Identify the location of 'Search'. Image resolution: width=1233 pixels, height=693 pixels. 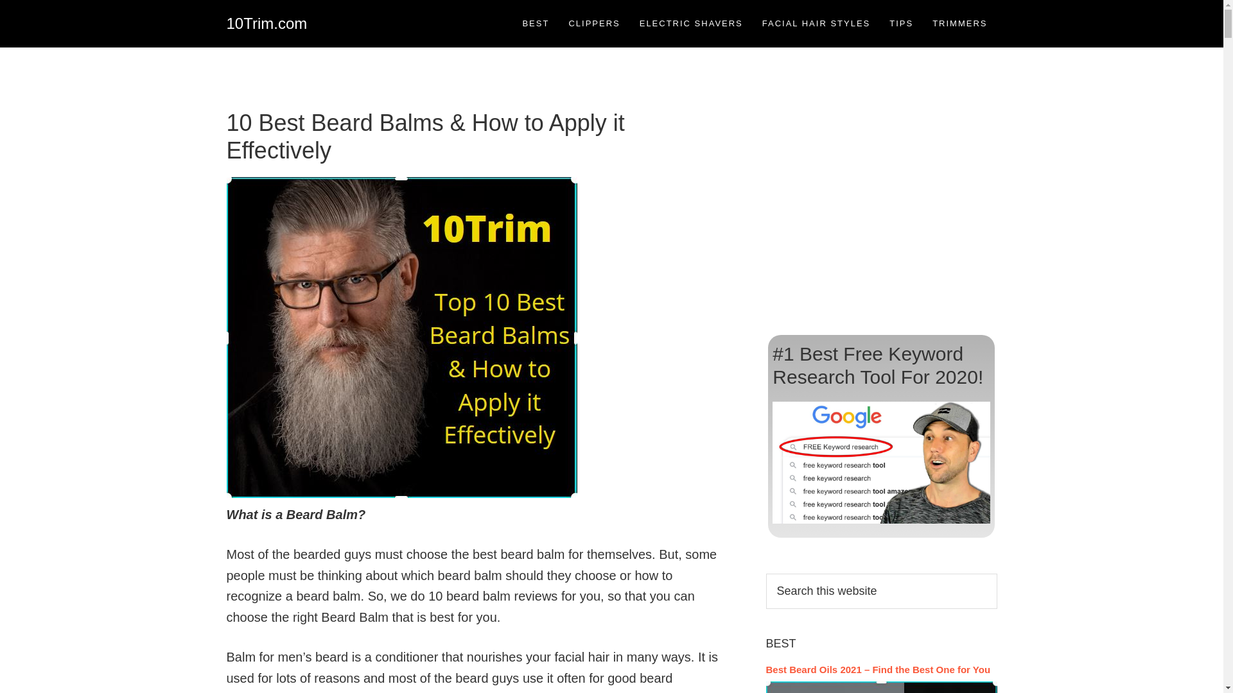
(996, 572).